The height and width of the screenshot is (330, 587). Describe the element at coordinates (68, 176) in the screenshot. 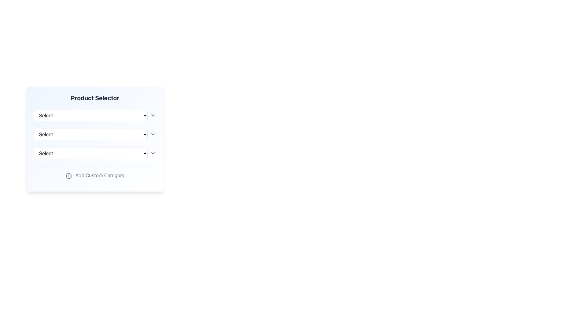

I see `the circular outline of the 'Add Custom Category' button icon, which is part of a graphic representation with a plus sign` at that location.